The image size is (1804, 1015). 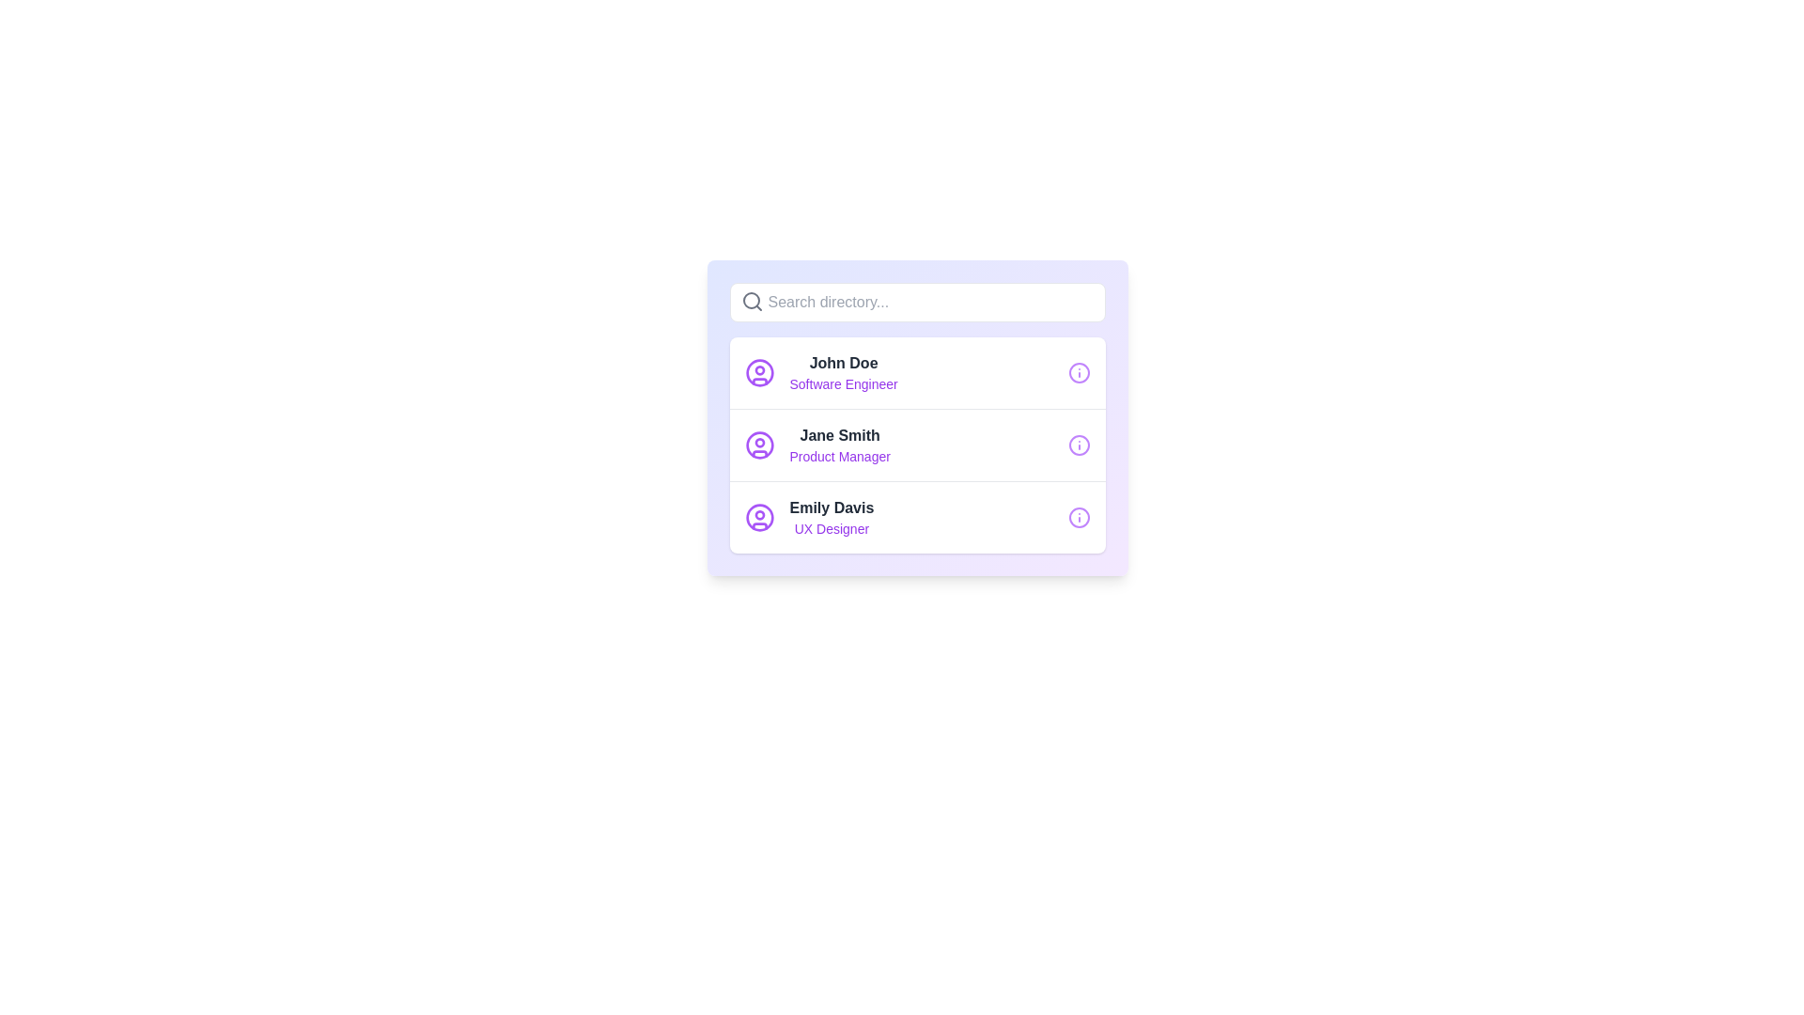 What do you see at coordinates (839, 445) in the screenshot?
I see `text block that provides the name and job title of the individual, positioned below 'John Doe Software Engineer' and above 'Emily Davis UX Designer' in the directory interface` at bounding box center [839, 445].